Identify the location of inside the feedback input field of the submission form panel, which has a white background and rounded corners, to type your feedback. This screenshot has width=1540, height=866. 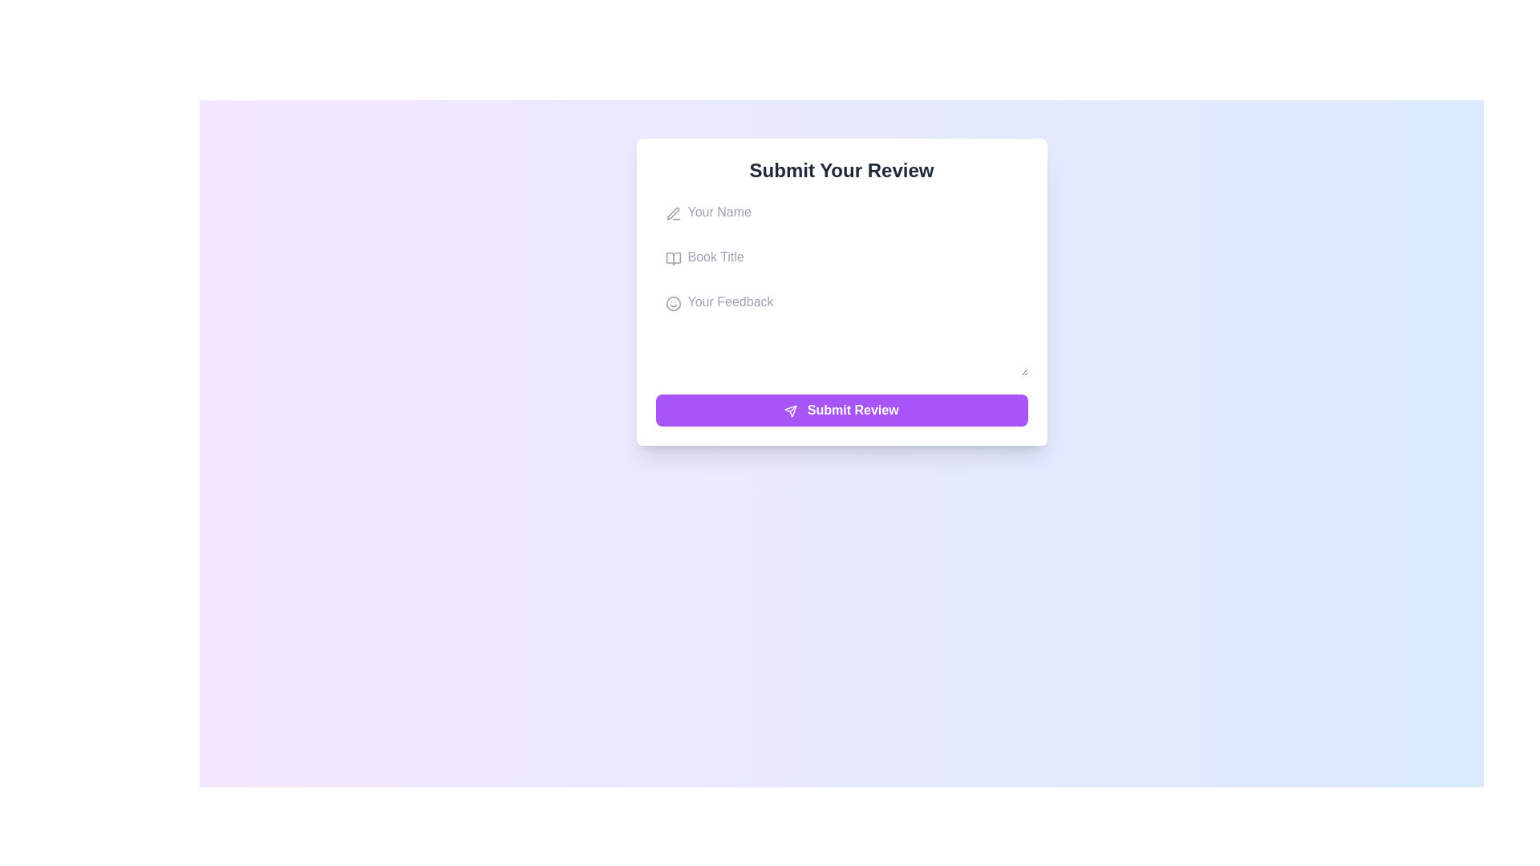
(841, 292).